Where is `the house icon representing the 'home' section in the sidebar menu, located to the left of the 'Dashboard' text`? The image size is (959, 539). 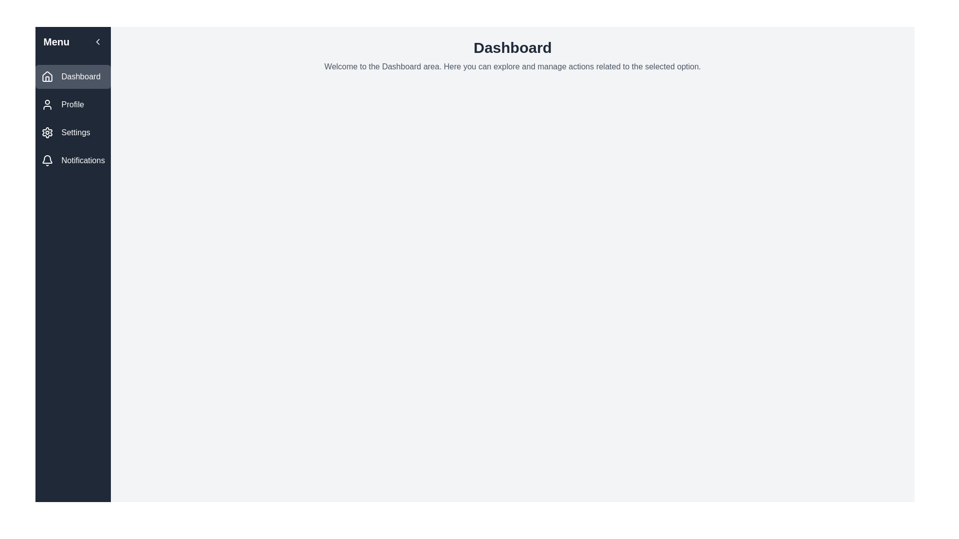
the house icon representing the 'home' section in the sidebar menu, located to the left of the 'Dashboard' text is located at coordinates (47, 76).